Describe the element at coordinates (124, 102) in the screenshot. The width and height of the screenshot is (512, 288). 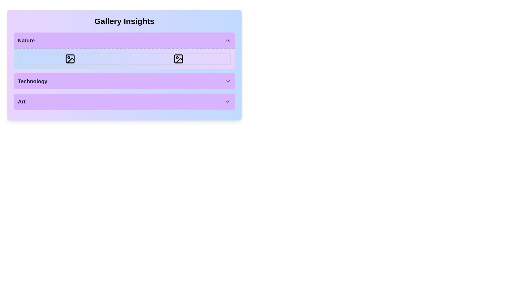
I see `the Dropdown Button located under the 'Gallery Insights' panel` at that location.